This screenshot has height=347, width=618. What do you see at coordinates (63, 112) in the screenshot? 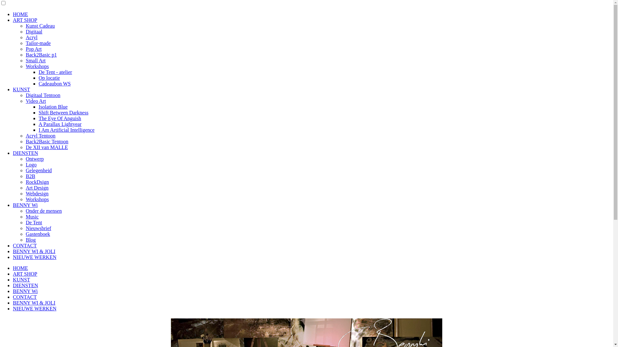
I see `'Shift Between Darkness'` at bounding box center [63, 112].